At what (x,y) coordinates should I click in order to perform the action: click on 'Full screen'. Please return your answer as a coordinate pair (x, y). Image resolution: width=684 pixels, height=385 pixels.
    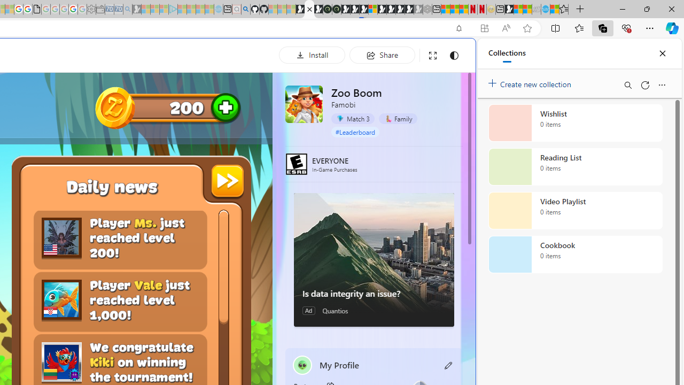
    Looking at the image, I should click on (433, 55).